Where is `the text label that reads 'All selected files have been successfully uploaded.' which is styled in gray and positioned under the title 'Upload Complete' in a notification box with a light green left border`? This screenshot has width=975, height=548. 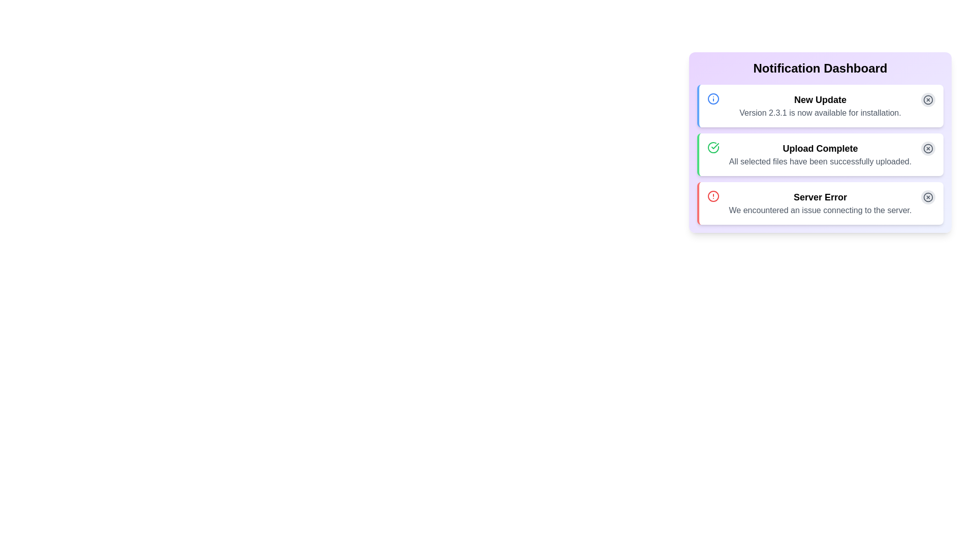 the text label that reads 'All selected files have been successfully uploaded.' which is styled in gray and positioned under the title 'Upload Complete' in a notification box with a light green left border is located at coordinates (820, 161).